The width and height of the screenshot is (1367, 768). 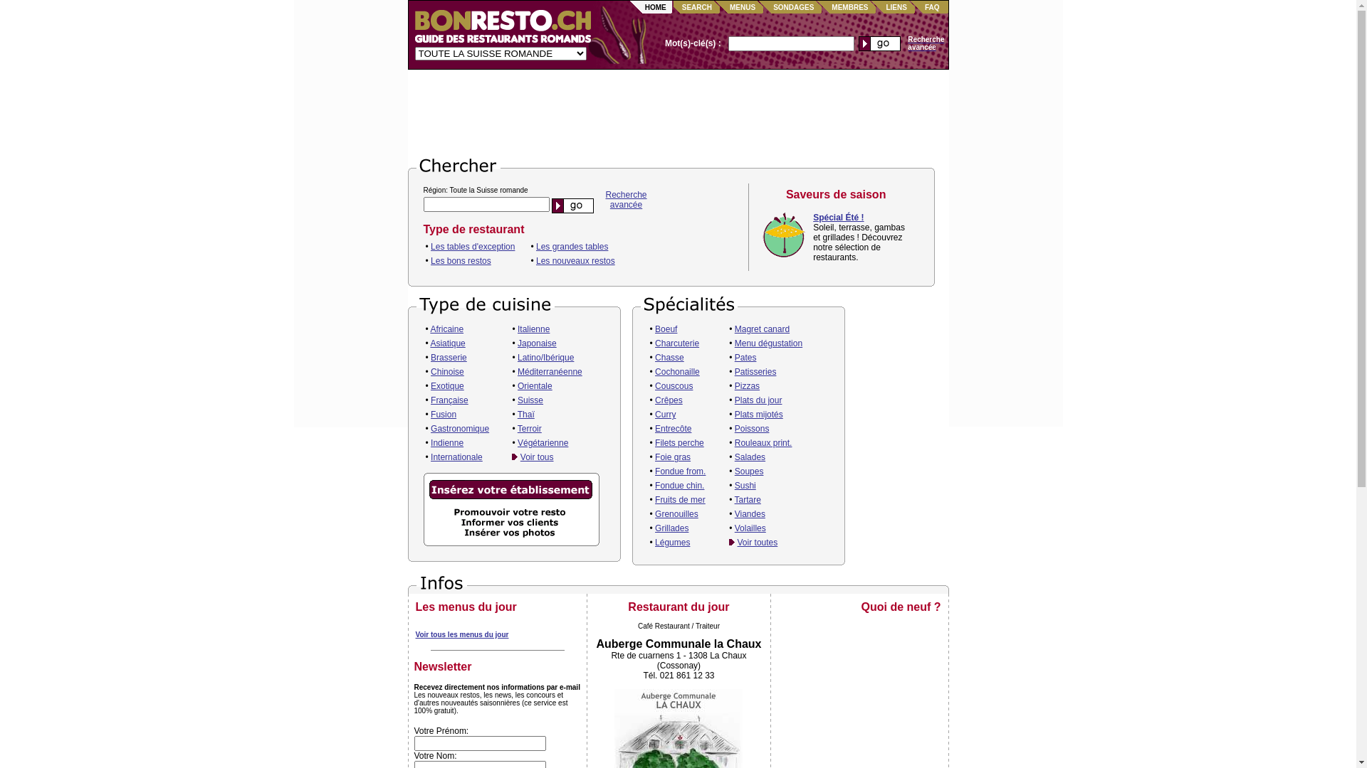 What do you see at coordinates (895, 6) in the screenshot?
I see `'LIENS'` at bounding box center [895, 6].